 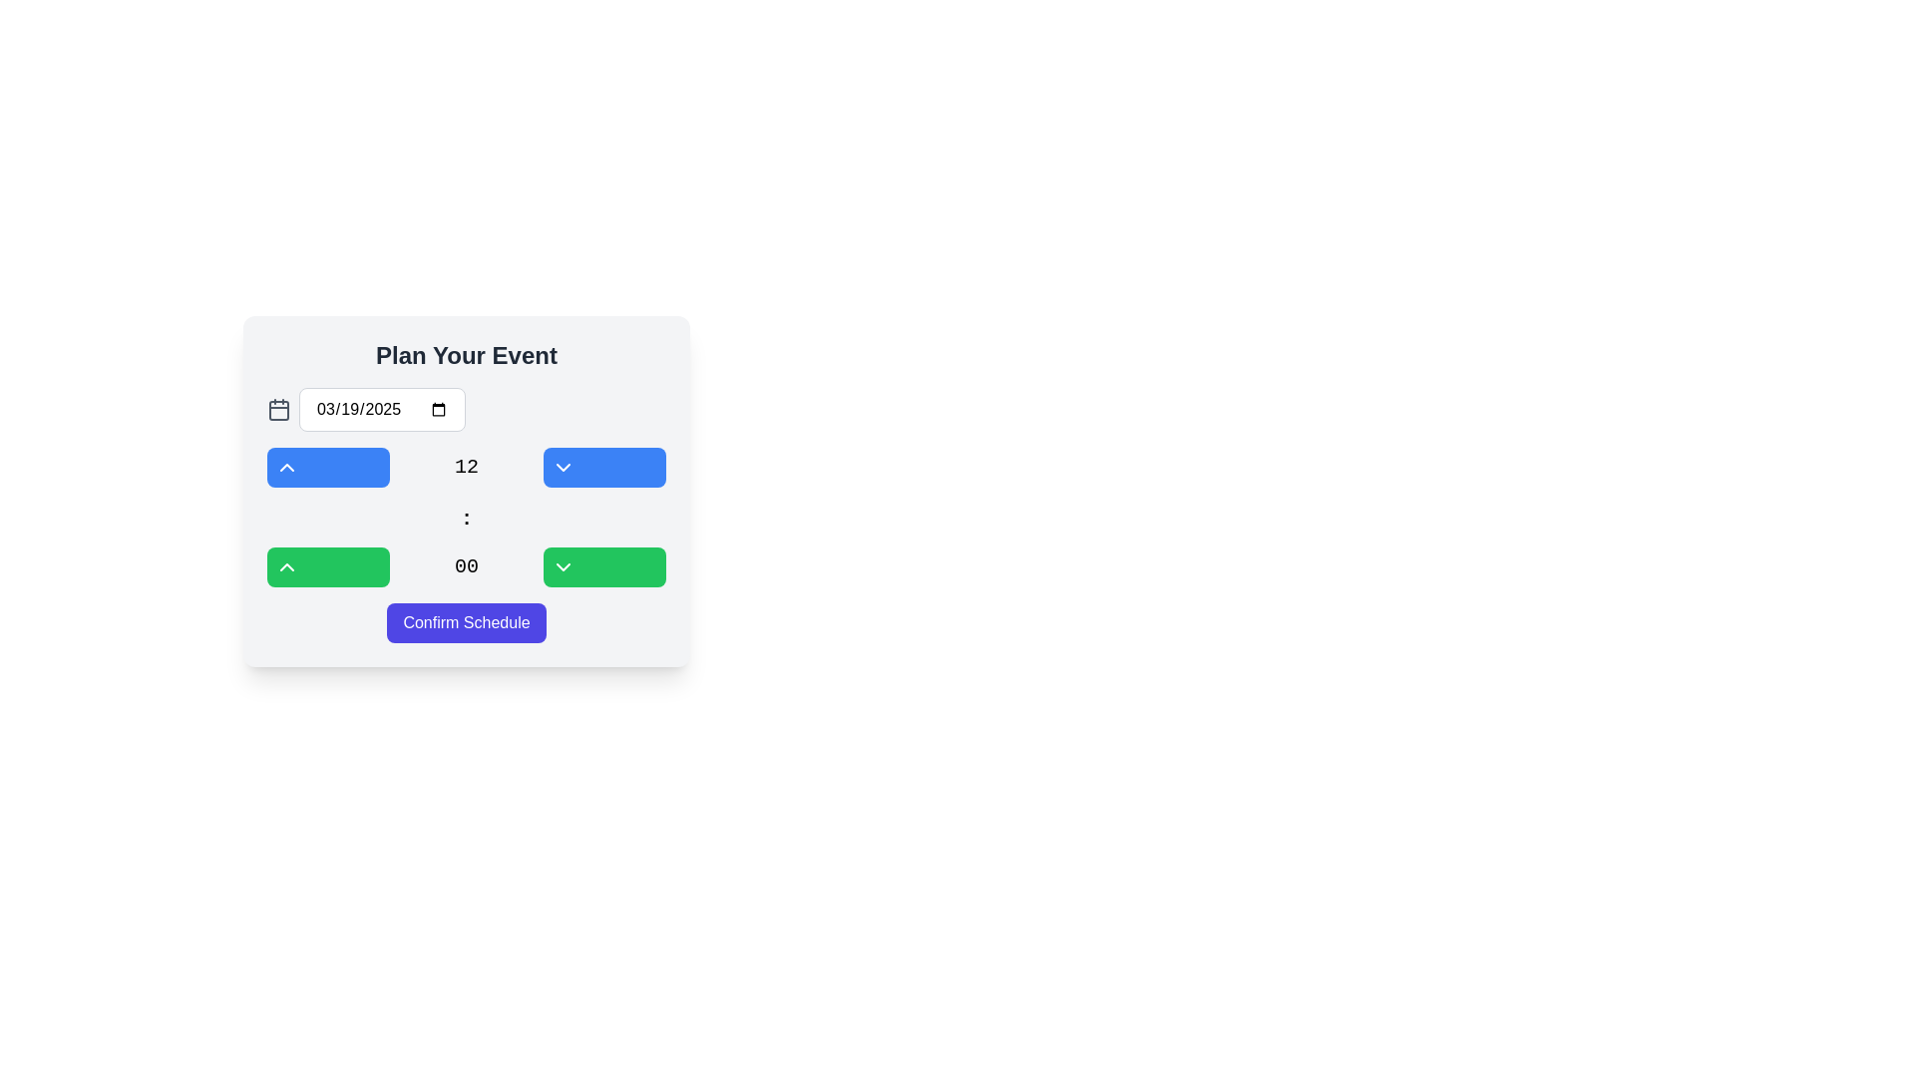 I want to click on the white downward-pointing chevron icon inside the blue hour selection button located next to the numeric '12' in the top-right section of the time selector widget, so click(x=563, y=468).